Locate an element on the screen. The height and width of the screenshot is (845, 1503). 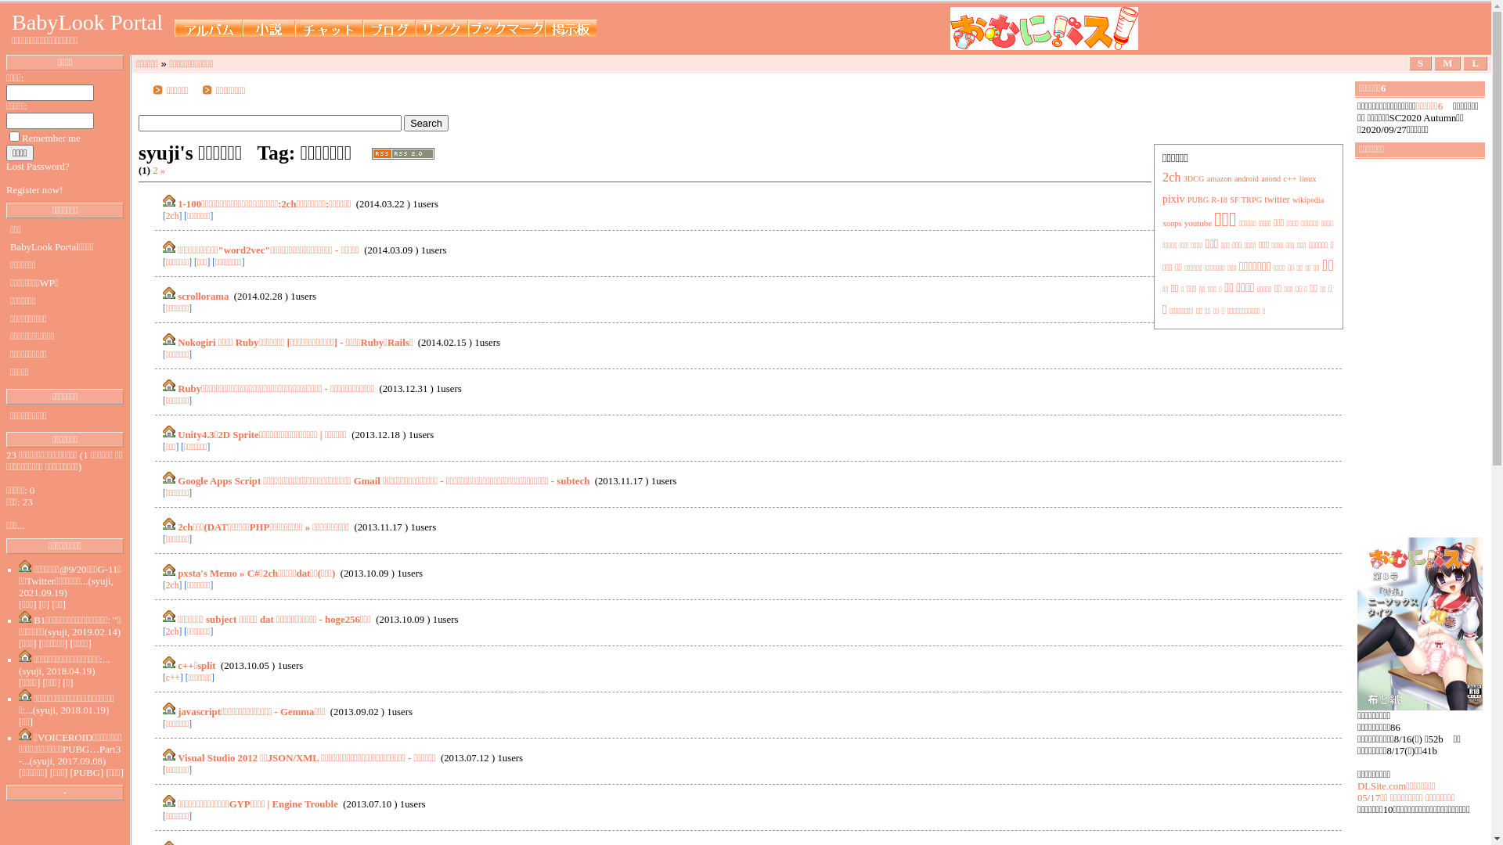
'TRPG' is located at coordinates (1250, 199).